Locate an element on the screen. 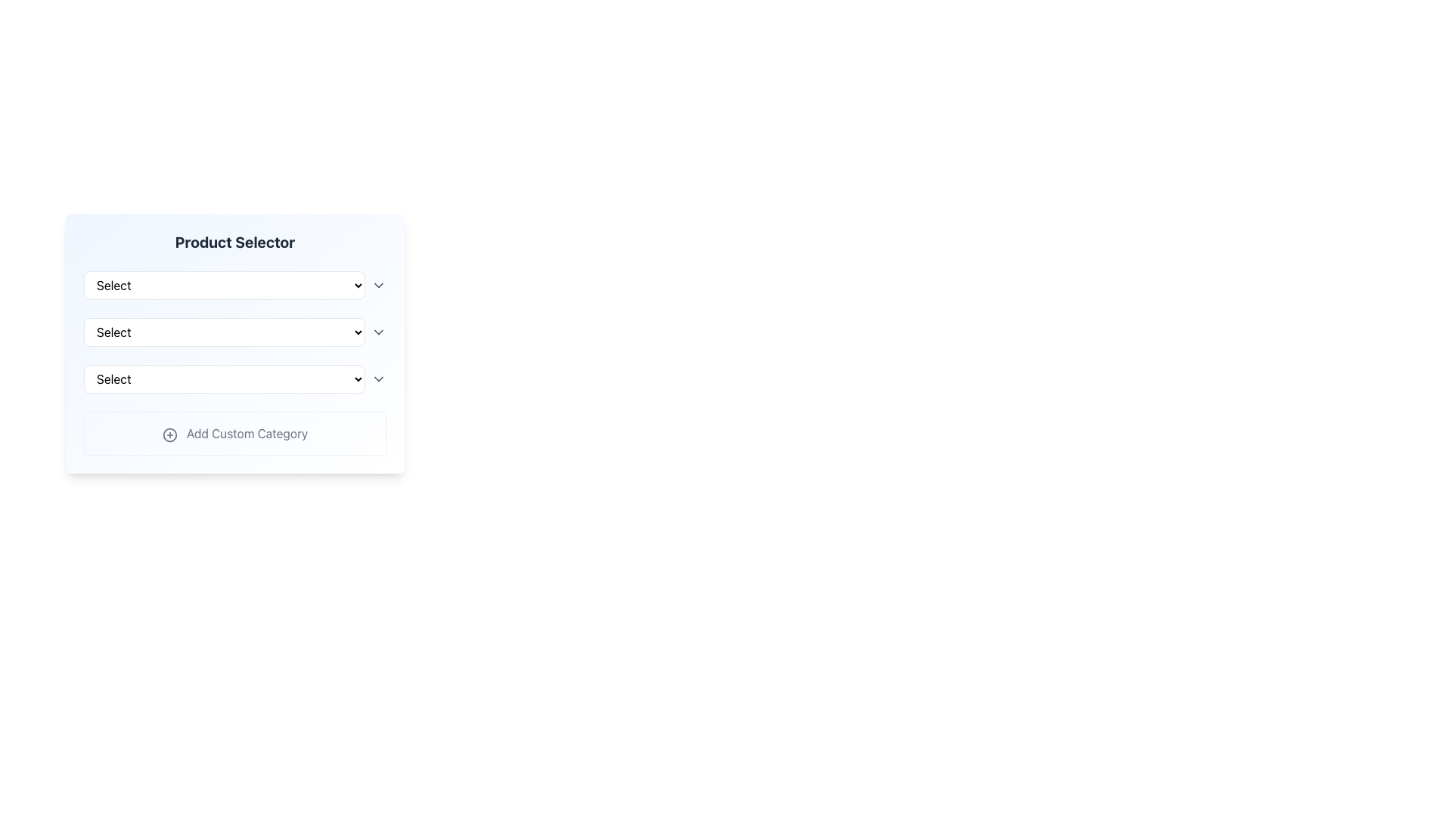  the second dropdown menu located under the 'Product Selector' section is located at coordinates (234, 331).